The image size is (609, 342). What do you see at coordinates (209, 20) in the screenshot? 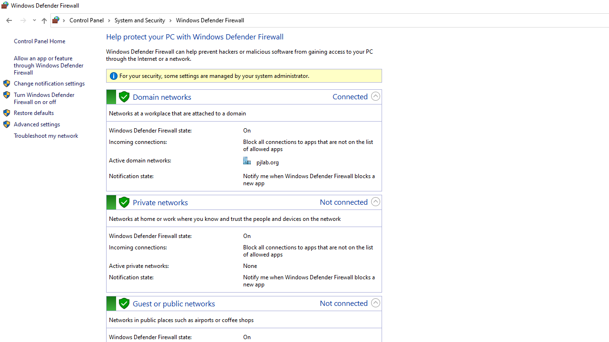
I see `'Windows Defender Firewall'` at bounding box center [209, 20].